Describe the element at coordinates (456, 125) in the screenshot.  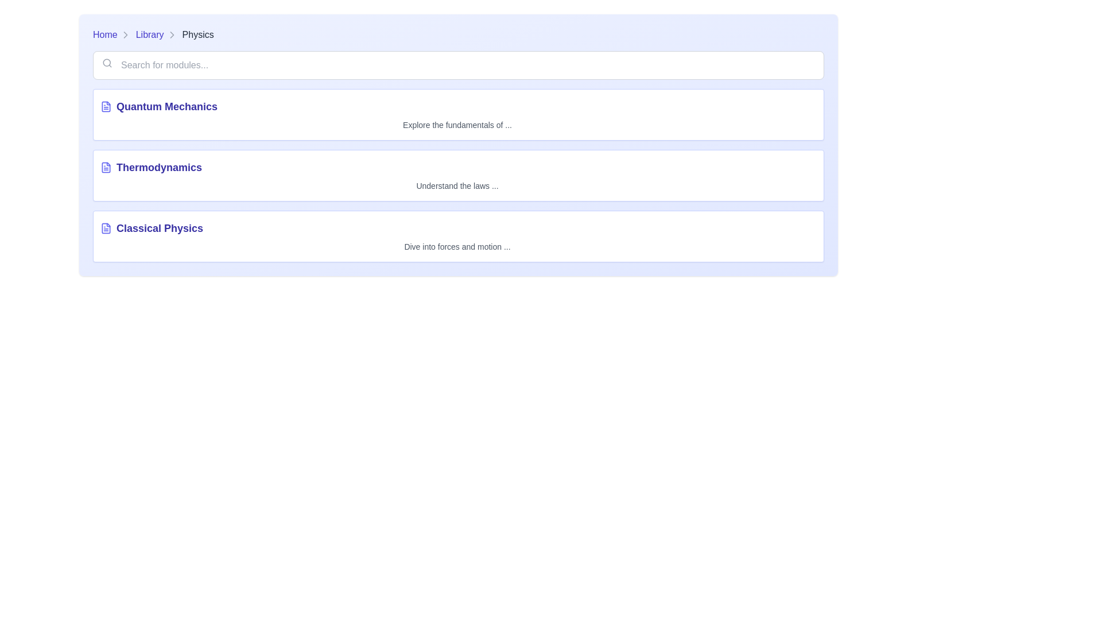
I see `the descriptive text element located below the 'Quantum Mechanics' header, which provides an overview or summary of the topic` at that location.